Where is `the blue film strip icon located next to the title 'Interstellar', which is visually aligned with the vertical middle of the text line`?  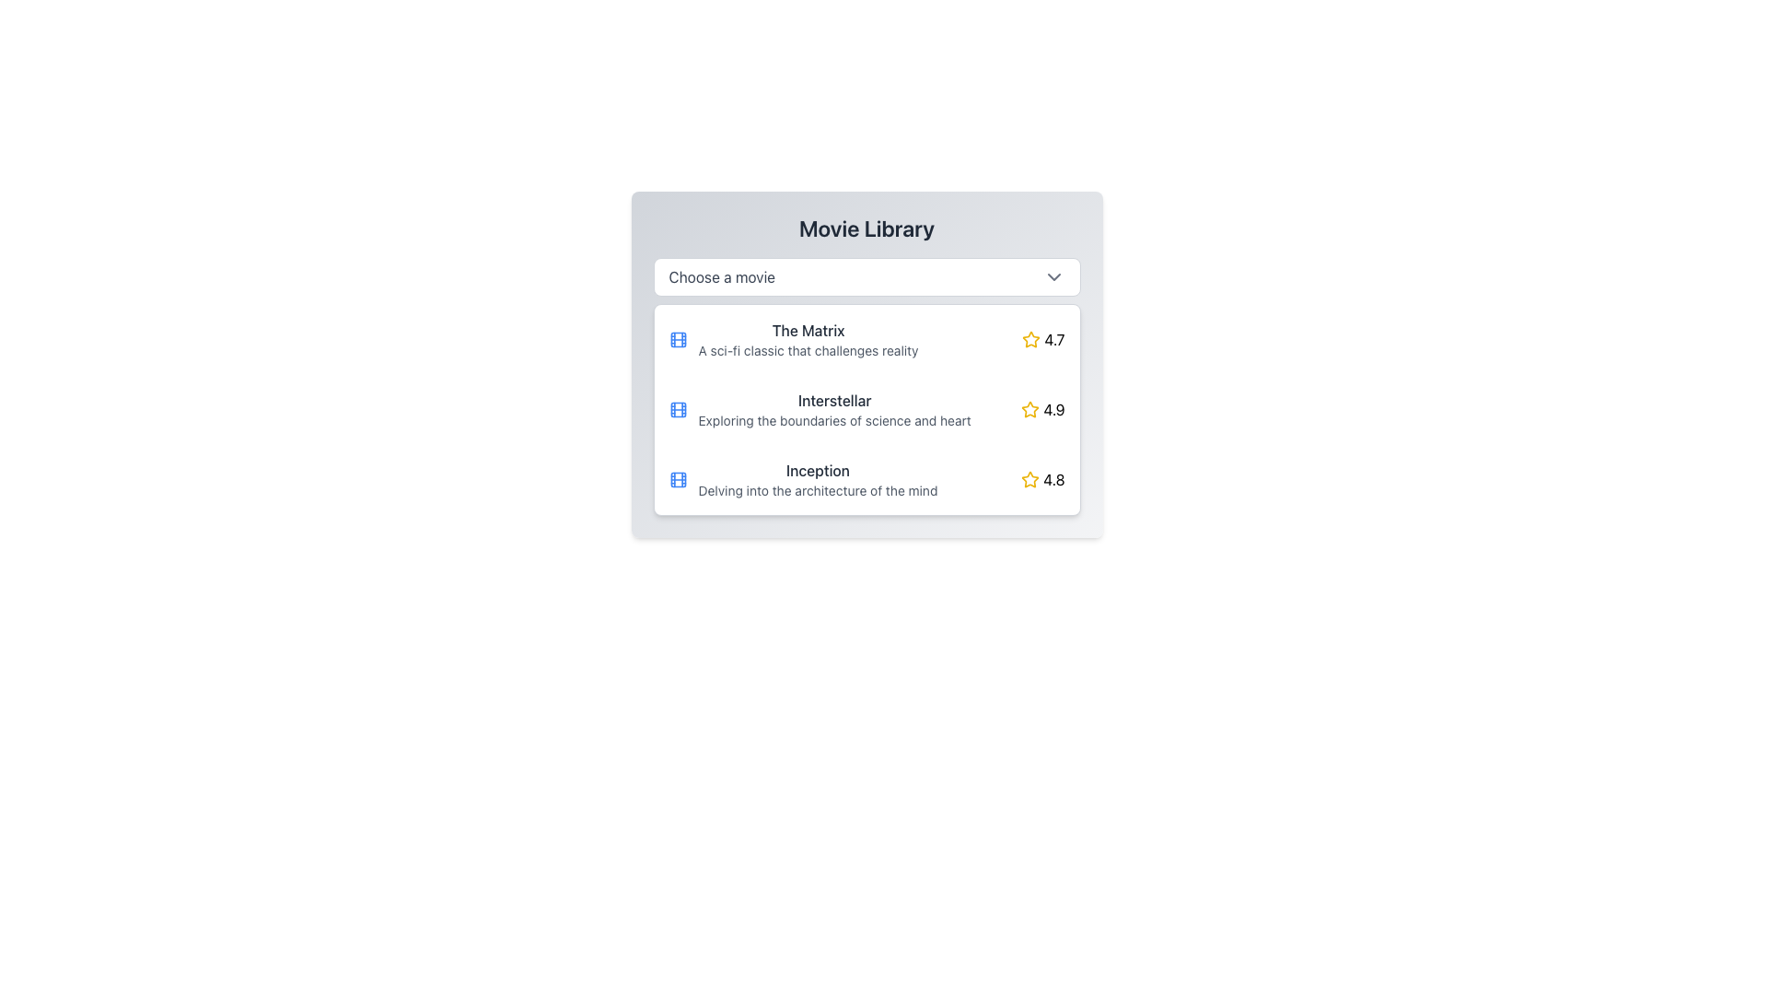
the blue film strip icon located next to the title 'Interstellar', which is visually aligned with the vertical middle of the text line is located at coordinates (677, 408).